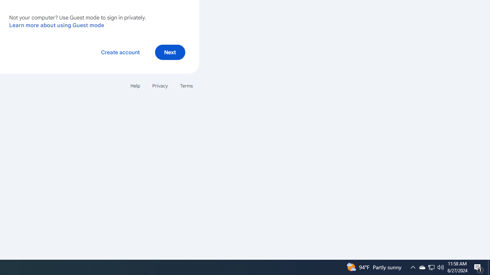 The image size is (490, 275). What do you see at coordinates (186, 86) in the screenshot?
I see `'Terms'` at bounding box center [186, 86].